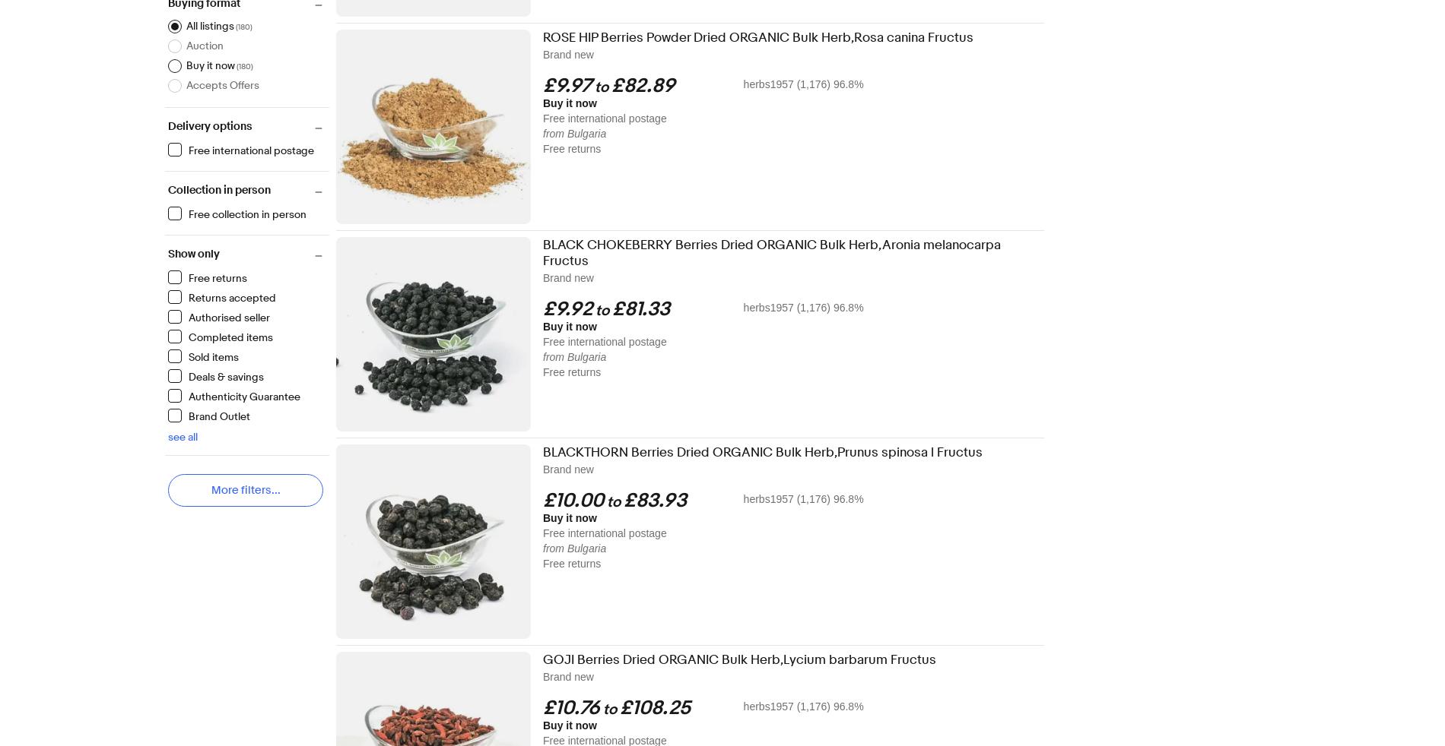  What do you see at coordinates (218, 190) in the screenshot?
I see `'Collection in person'` at bounding box center [218, 190].